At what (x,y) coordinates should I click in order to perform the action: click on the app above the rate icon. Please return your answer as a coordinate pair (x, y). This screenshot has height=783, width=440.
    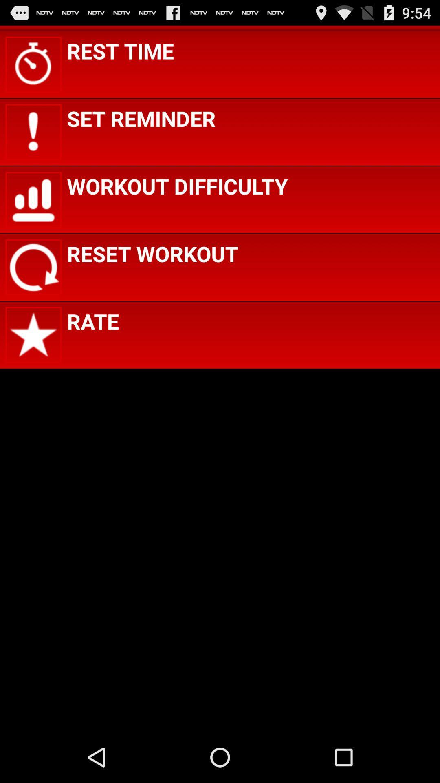
    Looking at the image, I should click on (152, 253).